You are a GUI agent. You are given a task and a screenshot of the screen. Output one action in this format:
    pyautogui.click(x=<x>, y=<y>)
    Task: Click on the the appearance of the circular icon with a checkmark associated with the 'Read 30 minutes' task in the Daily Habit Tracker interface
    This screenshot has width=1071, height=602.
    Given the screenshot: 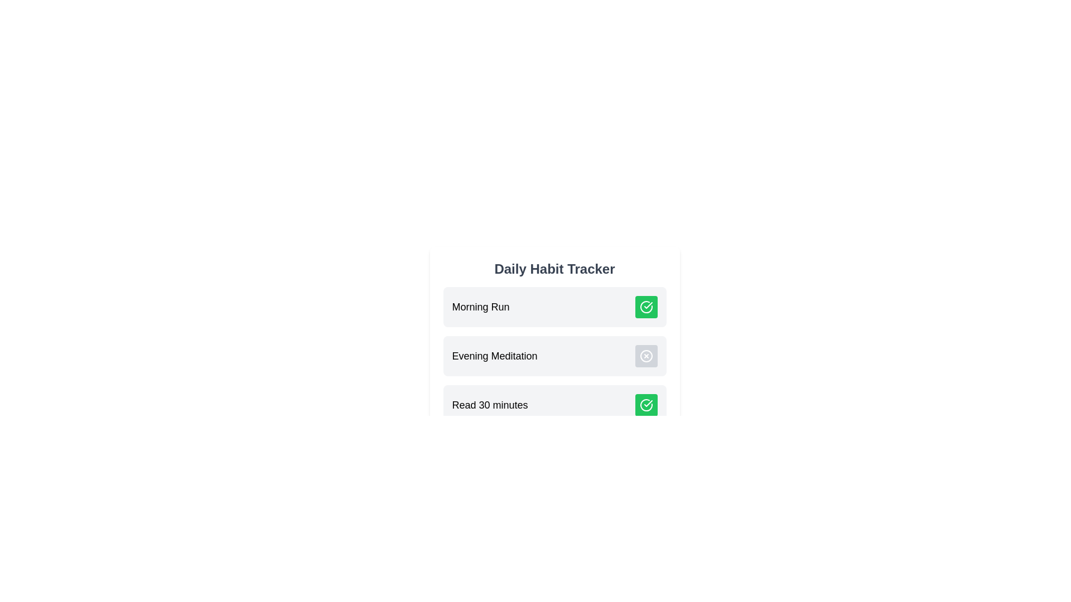 What is the action you would take?
    pyautogui.click(x=648, y=305)
    